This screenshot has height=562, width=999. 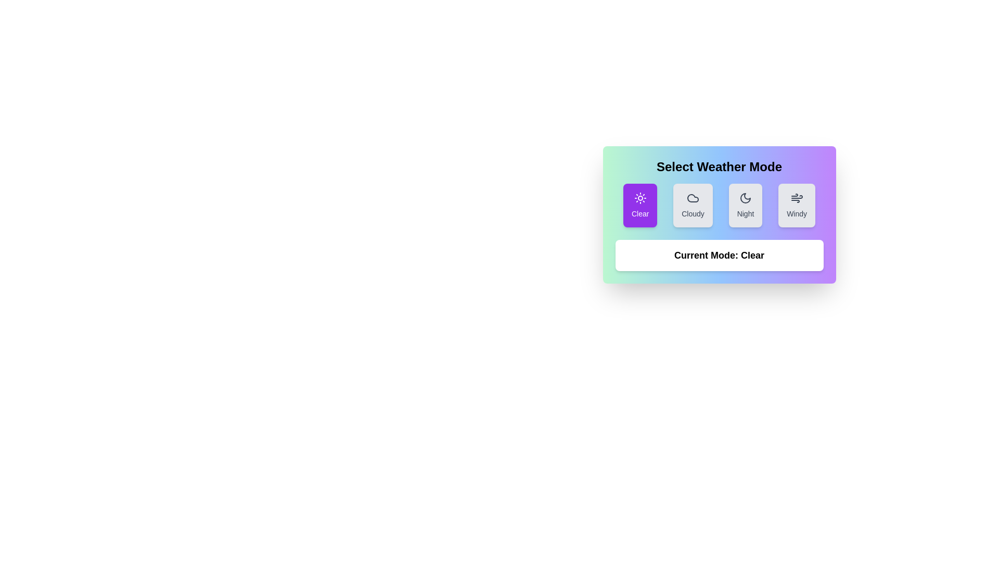 What do you see at coordinates (693, 205) in the screenshot?
I see `the button labeled 'Cloudy', which is a rectangular button with rounded corners and a light gray background, to set the weather mode to Cloudy` at bounding box center [693, 205].